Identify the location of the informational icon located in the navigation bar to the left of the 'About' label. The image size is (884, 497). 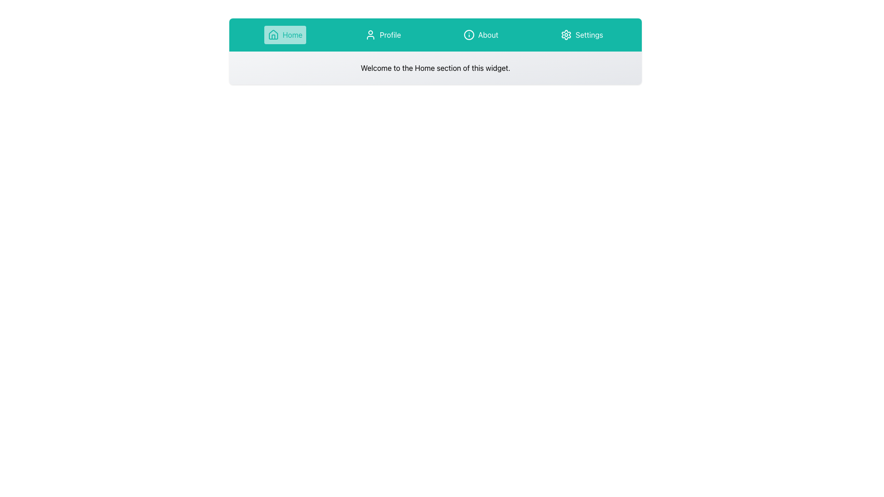
(469, 35).